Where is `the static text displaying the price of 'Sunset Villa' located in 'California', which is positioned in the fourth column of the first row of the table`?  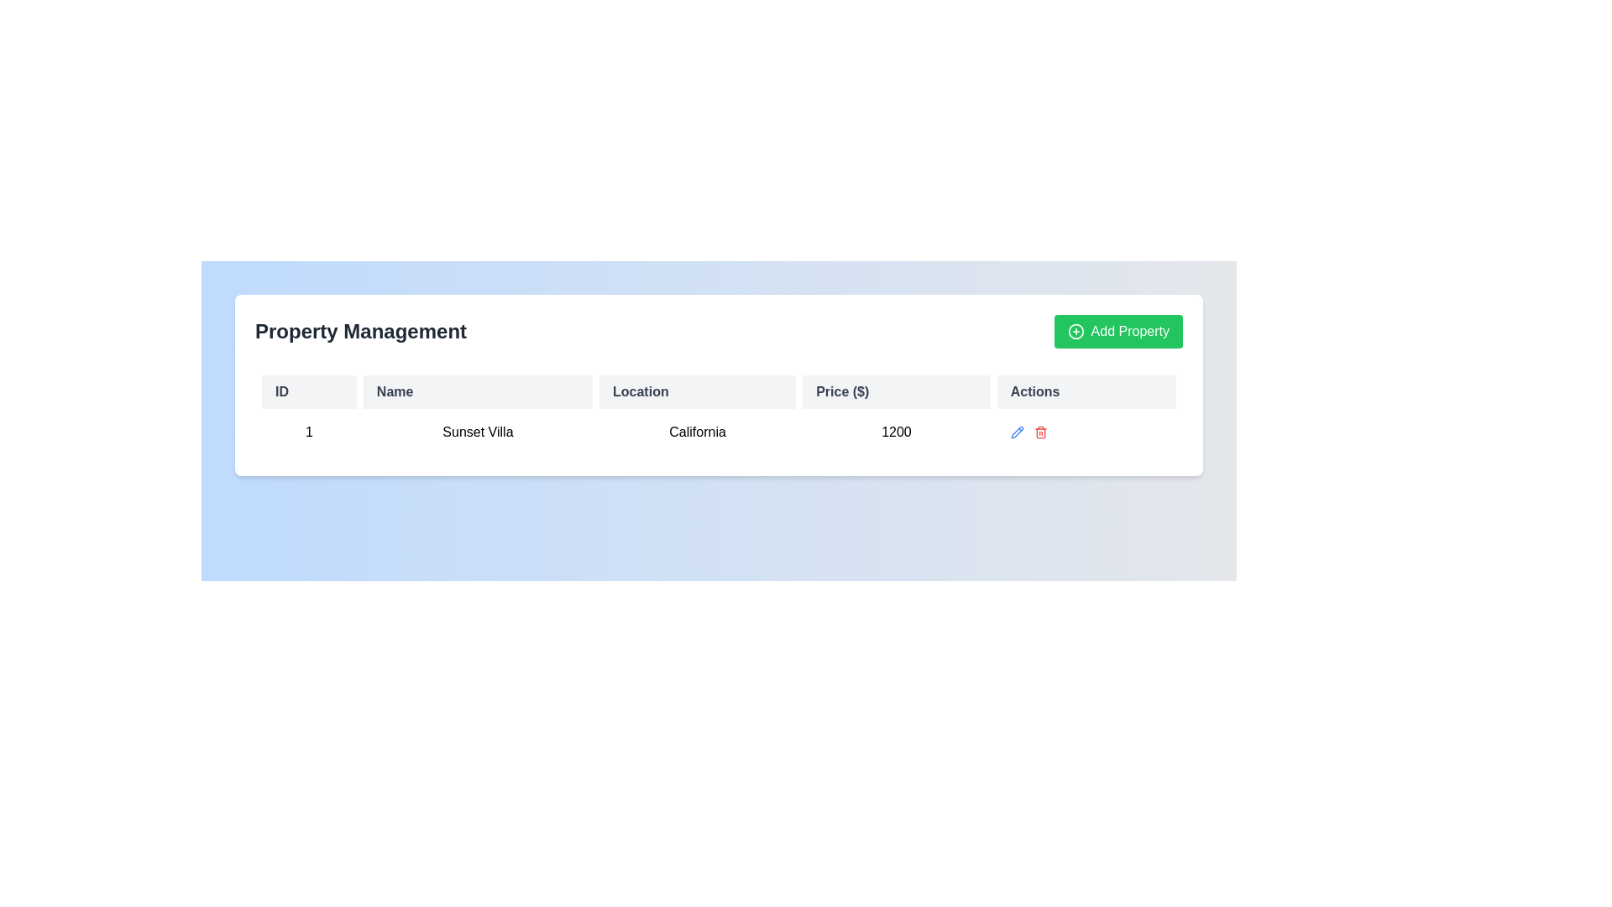 the static text displaying the price of 'Sunset Villa' located in 'California', which is positioned in the fourth column of the first row of the table is located at coordinates (895, 432).